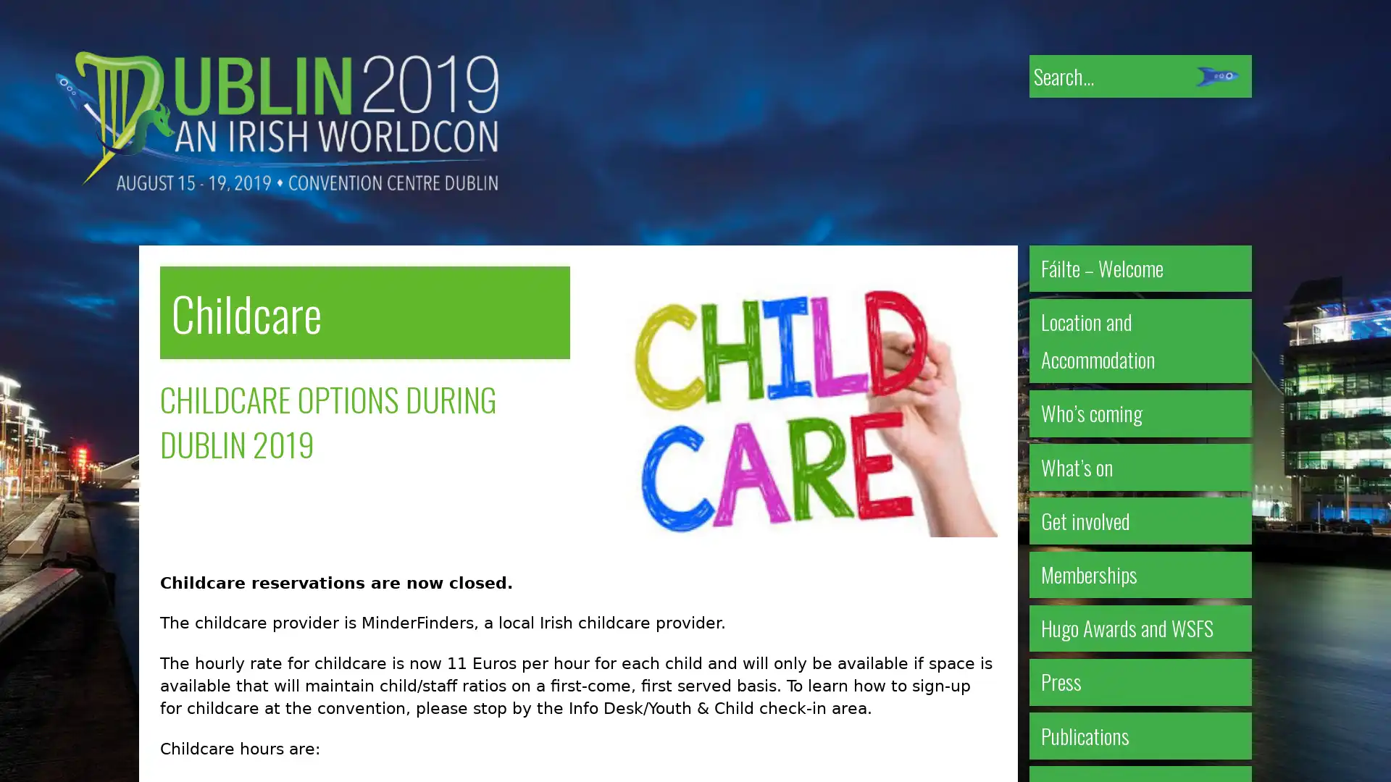 The height and width of the screenshot is (782, 1391). What do you see at coordinates (1217, 77) in the screenshot?
I see `Submit` at bounding box center [1217, 77].